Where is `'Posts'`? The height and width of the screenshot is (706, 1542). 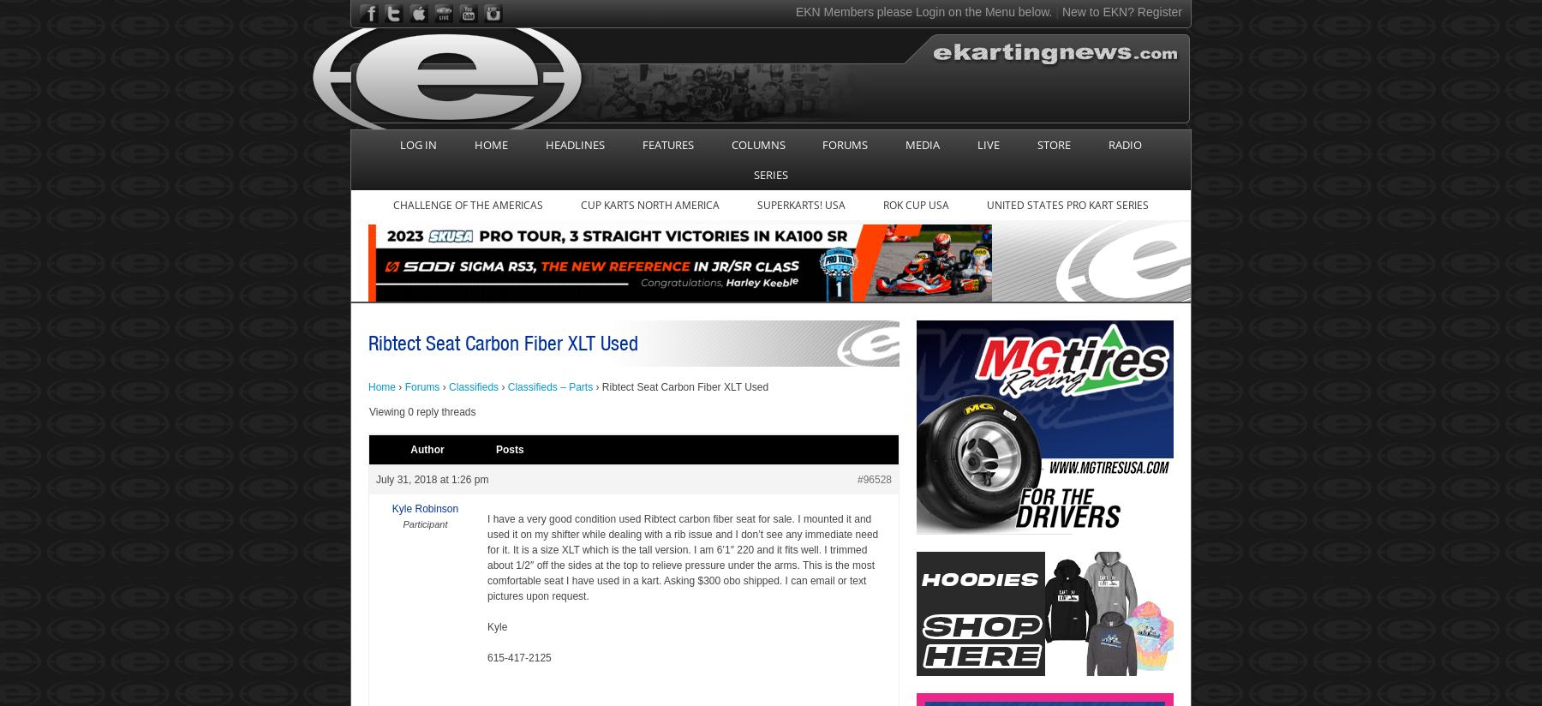
'Posts' is located at coordinates (510, 448).